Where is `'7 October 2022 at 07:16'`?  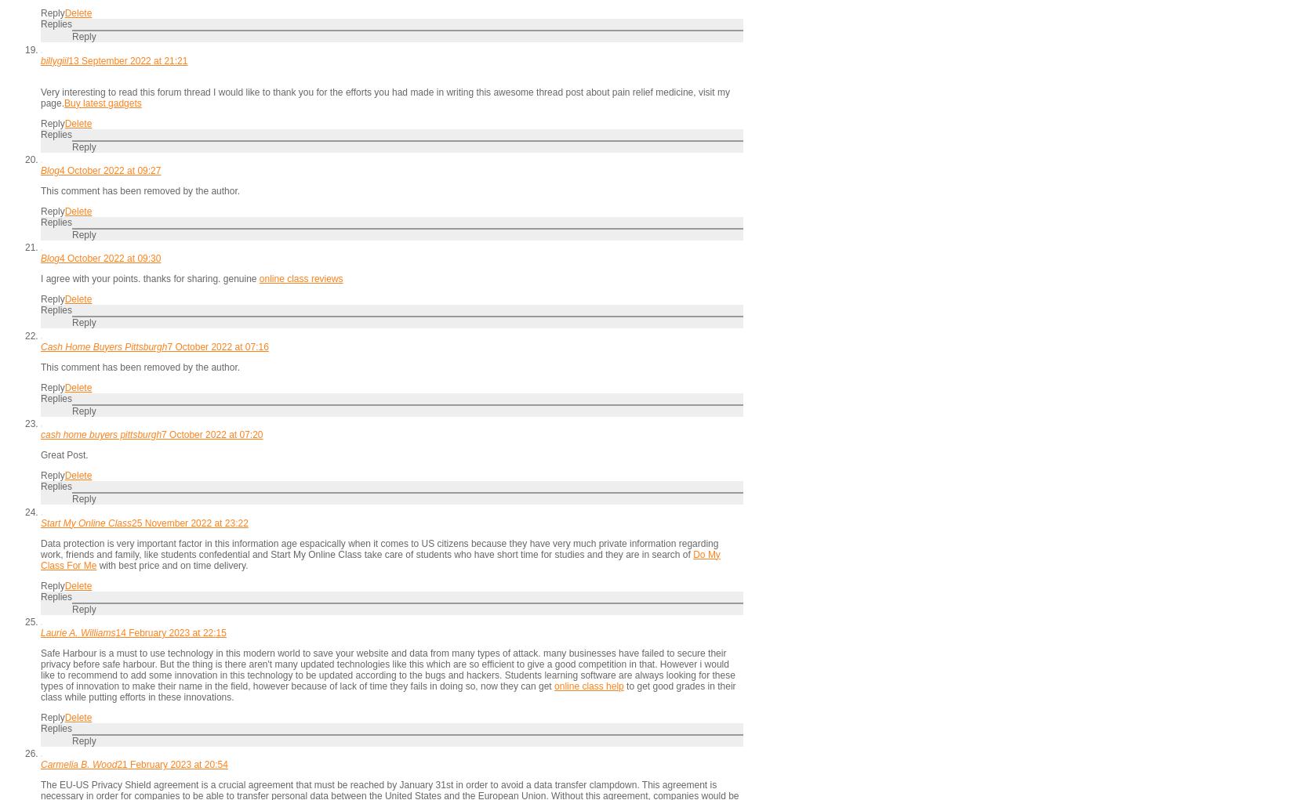 '7 October 2022 at 07:16' is located at coordinates (167, 346).